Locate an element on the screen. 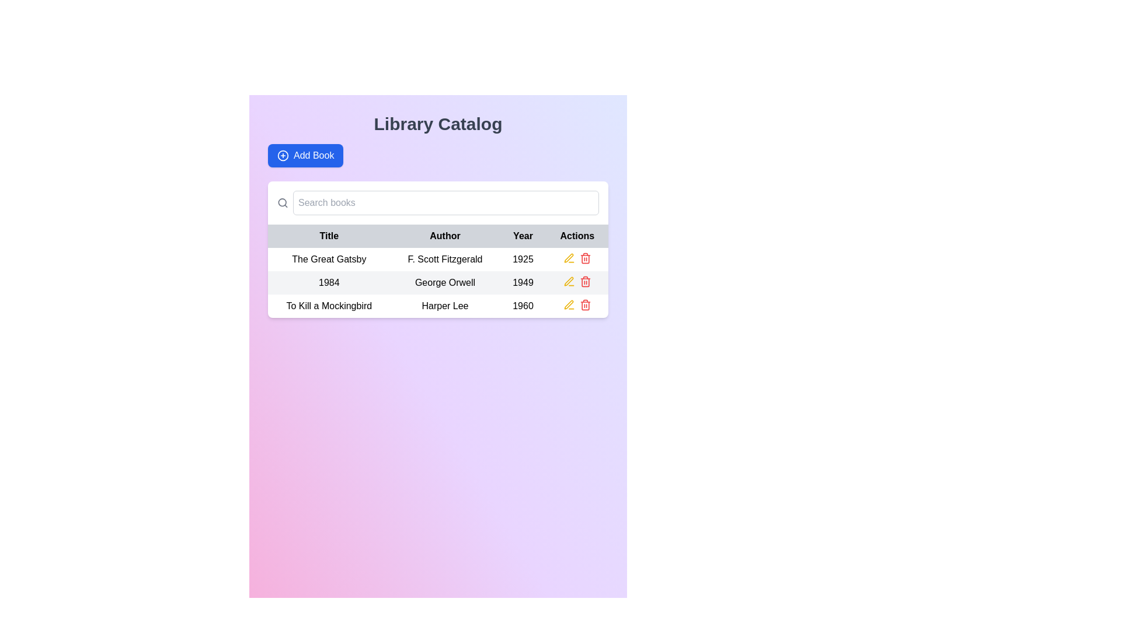 This screenshot has width=1121, height=630. the 'edit' icon for the book '1984' in the middle row of the table under the 'Actions' column to modify its details is located at coordinates (569, 304).